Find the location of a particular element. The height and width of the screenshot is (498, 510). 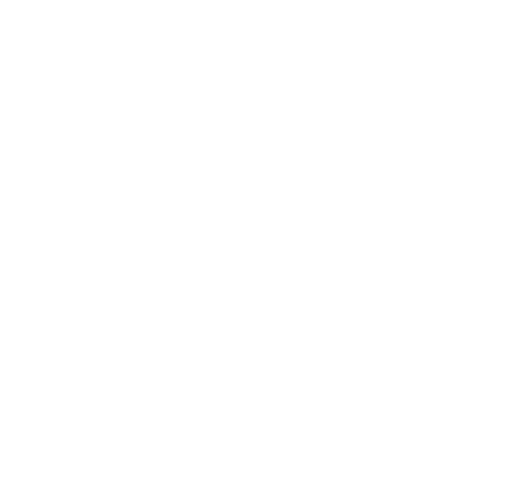

'Size Range' is located at coordinates (103, 309).